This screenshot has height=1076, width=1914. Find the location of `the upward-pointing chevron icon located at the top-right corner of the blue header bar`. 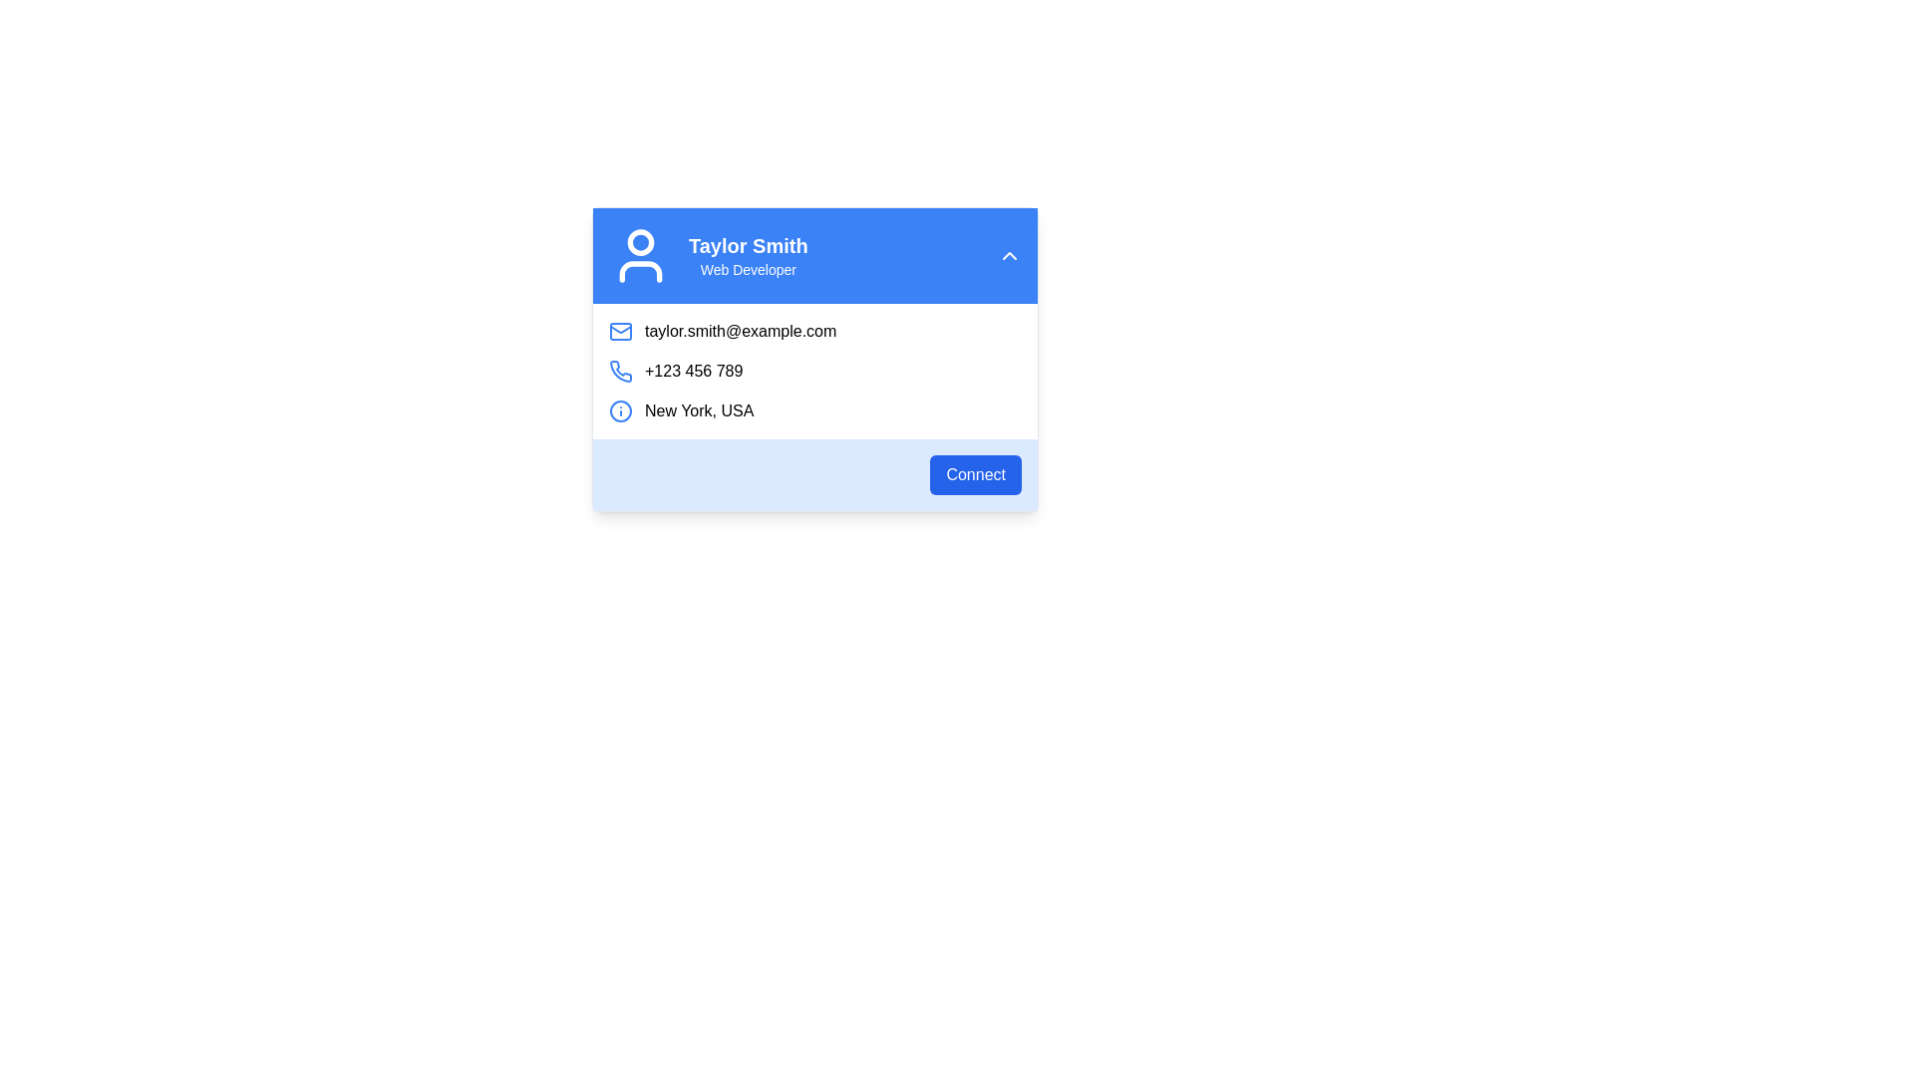

the upward-pointing chevron icon located at the top-right corner of the blue header bar is located at coordinates (1009, 255).